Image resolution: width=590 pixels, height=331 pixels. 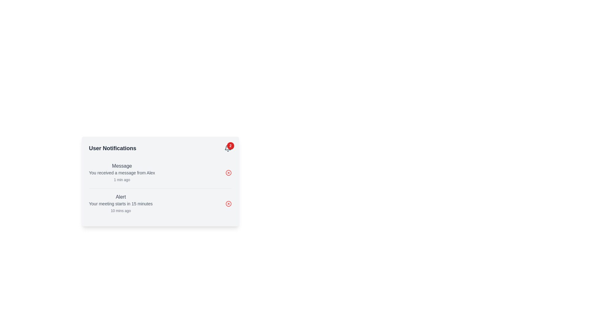 I want to click on timestamp text label located in the bottom-right section of the notifications panel, associated with the message from Alex, so click(x=122, y=179).